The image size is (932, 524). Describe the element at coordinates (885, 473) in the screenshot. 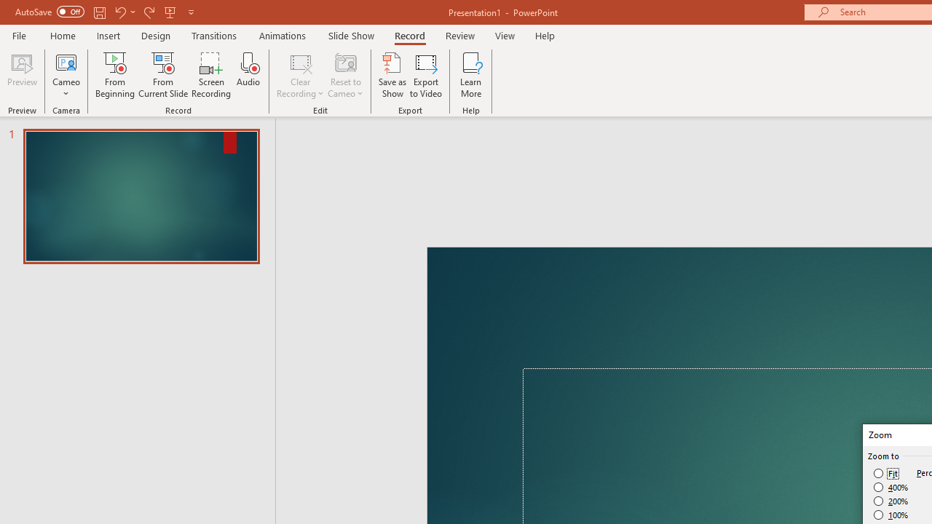

I see `'Fit'` at that location.